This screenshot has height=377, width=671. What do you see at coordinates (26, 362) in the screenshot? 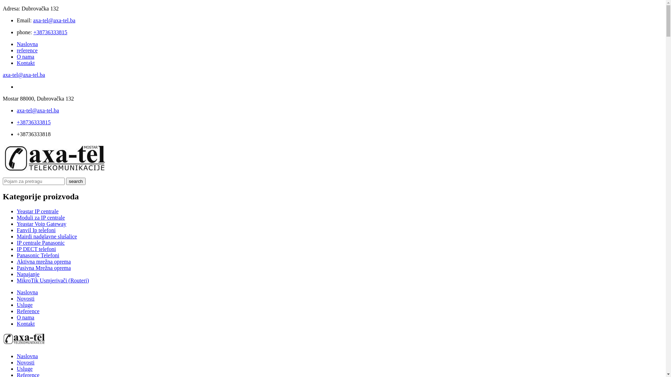
I see `'Novosti'` at bounding box center [26, 362].